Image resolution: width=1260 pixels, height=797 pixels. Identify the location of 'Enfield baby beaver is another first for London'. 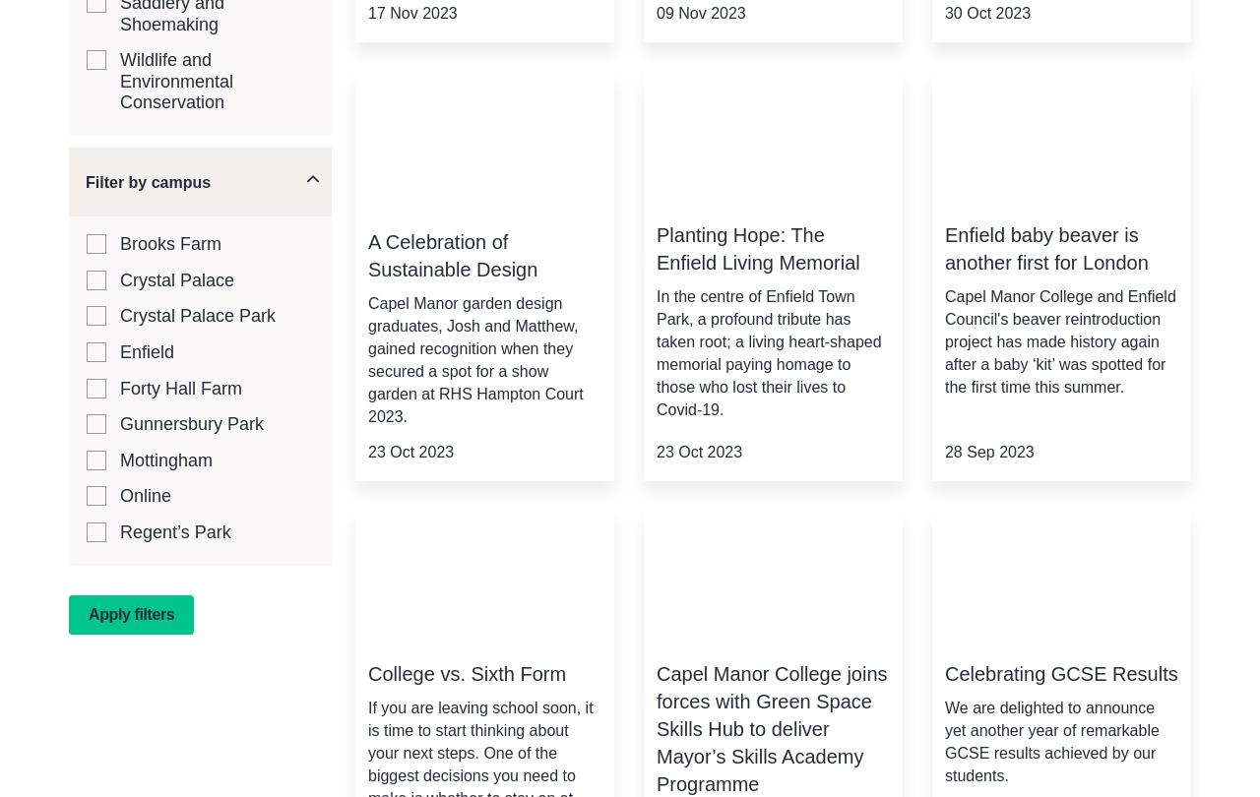
(942, 247).